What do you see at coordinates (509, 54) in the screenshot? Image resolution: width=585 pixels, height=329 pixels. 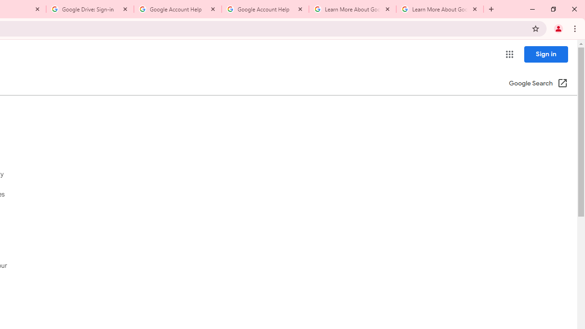 I see `'Google apps'` at bounding box center [509, 54].